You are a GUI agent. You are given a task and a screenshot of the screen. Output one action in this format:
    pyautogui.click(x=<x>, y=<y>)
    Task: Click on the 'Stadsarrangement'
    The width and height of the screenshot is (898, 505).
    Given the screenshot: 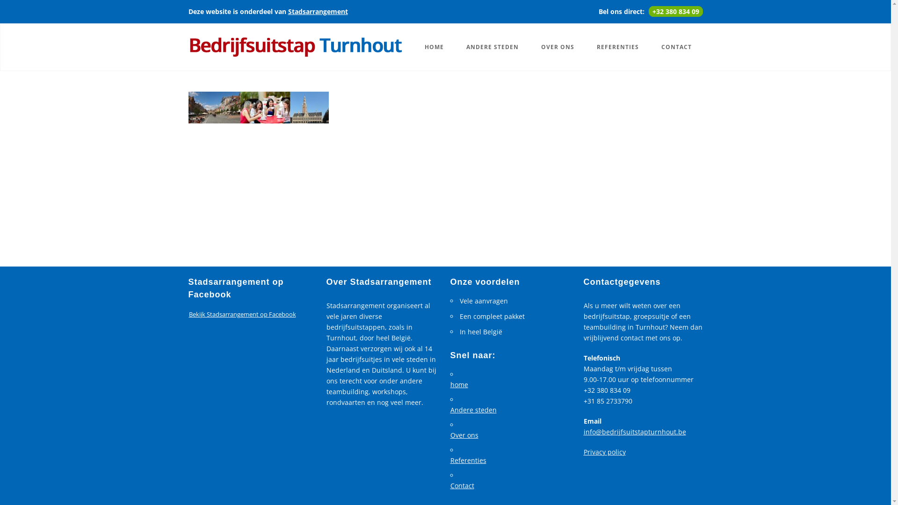 What is the action you would take?
    pyautogui.click(x=318, y=11)
    